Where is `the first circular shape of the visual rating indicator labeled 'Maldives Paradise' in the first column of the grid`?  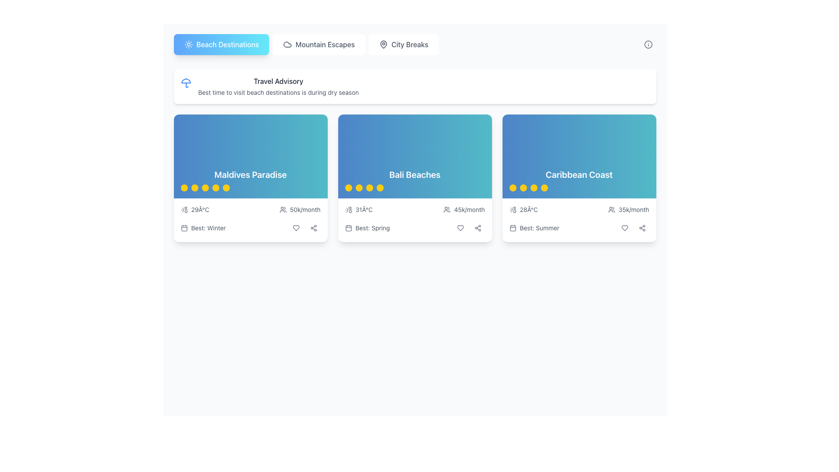 the first circular shape of the visual rating indicator labeled 'Maldives Paradise' in the first column of the grid is located at coordinates (184, 187).